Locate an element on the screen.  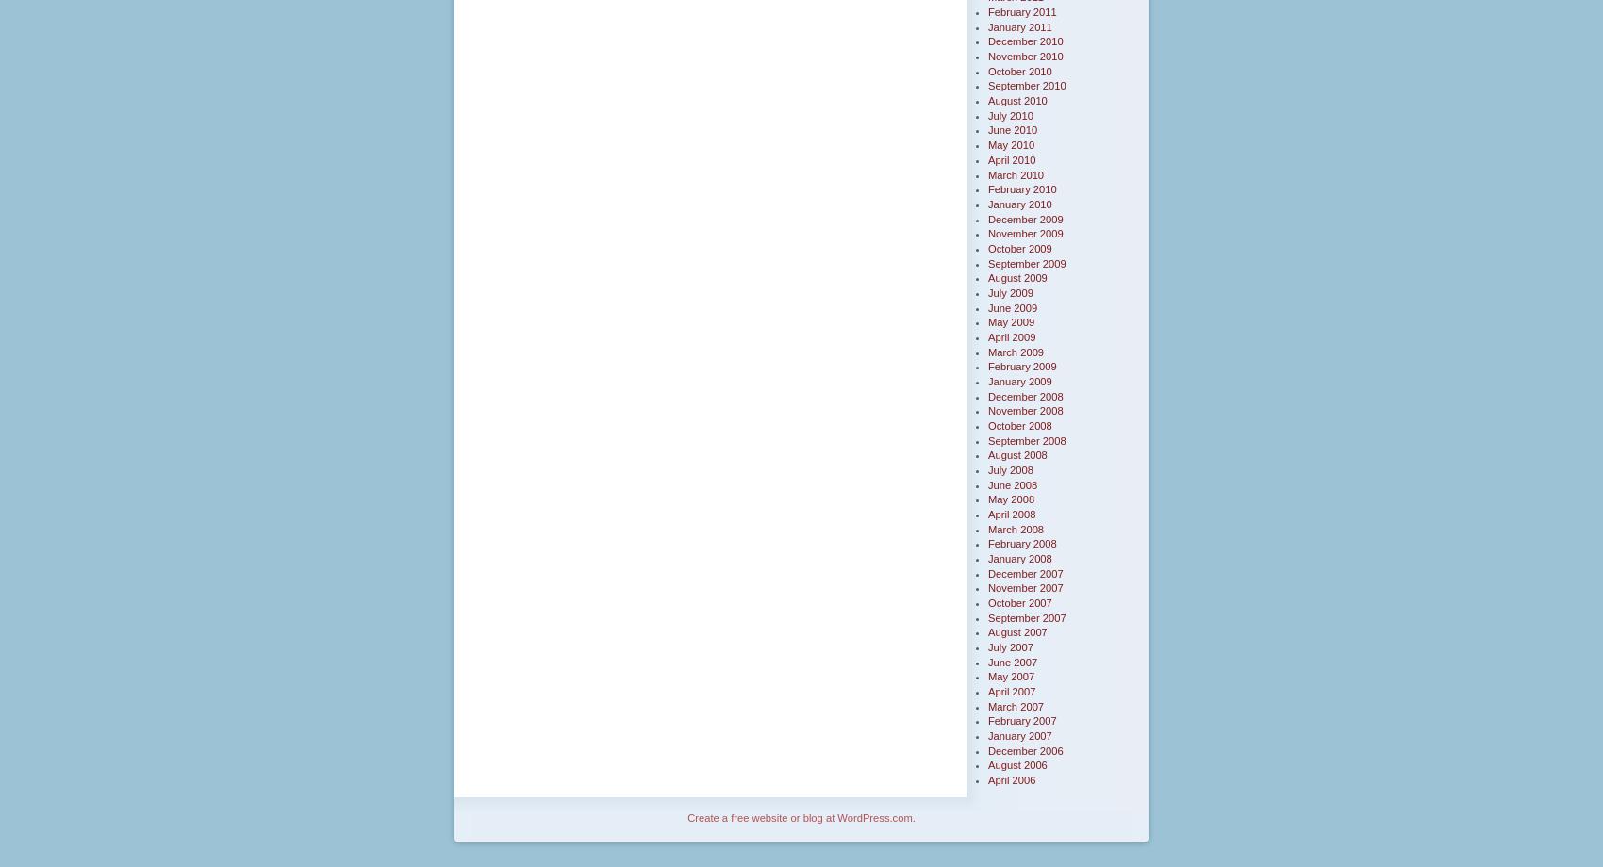
'July 2010' is located at coordinates (1010, 113).